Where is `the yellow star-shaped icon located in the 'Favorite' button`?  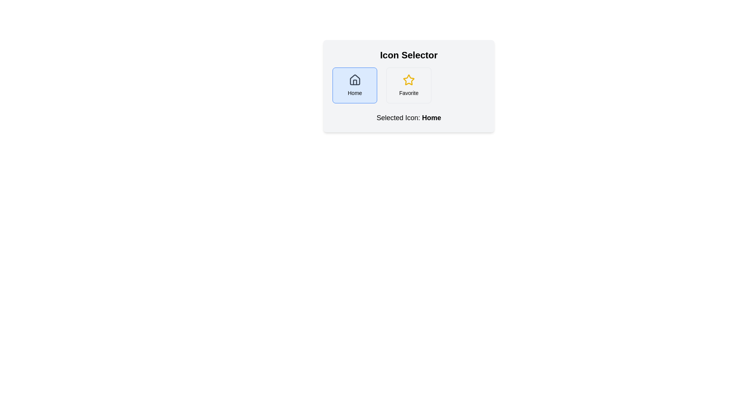 the yellow star-shaped icon located in the 'Favorite' button is located at coordinates (408, 80).